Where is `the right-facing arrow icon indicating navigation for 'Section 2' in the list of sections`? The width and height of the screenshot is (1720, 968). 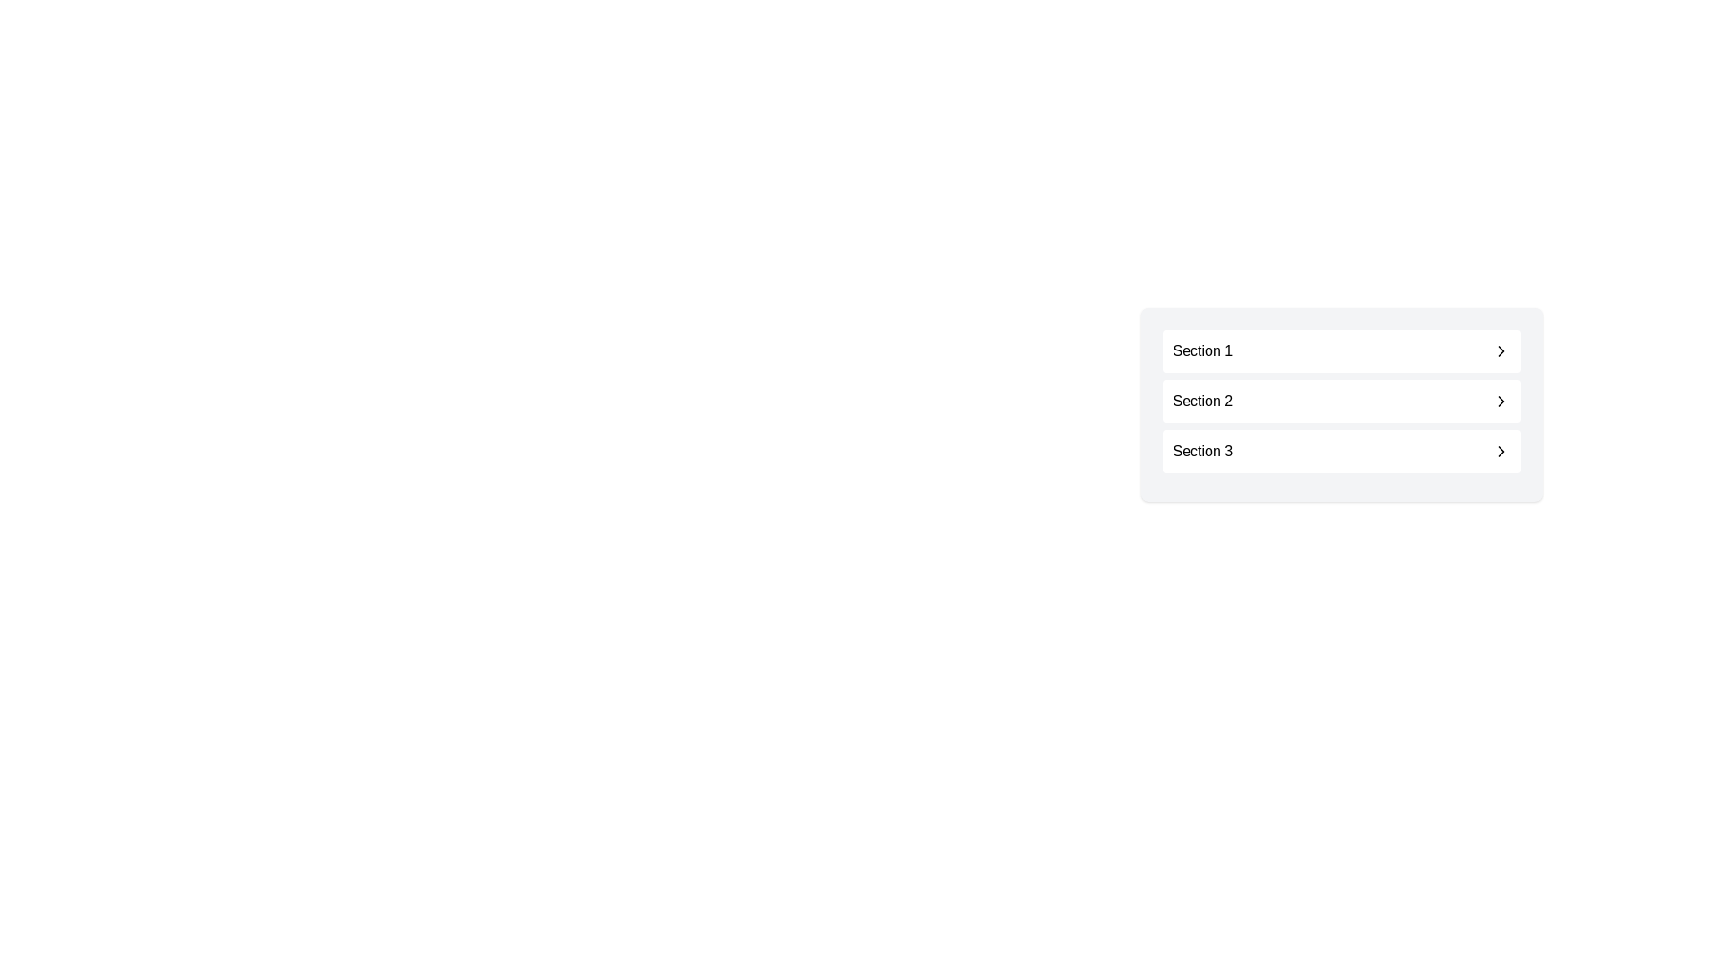 the right-facing arrow icon indicating navigation for 'Section 2' in the list of sections is located at coordinates (1501, 400).